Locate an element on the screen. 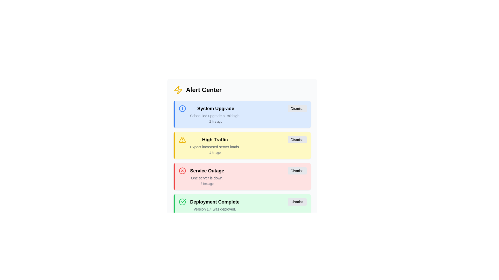 The height and width of the screenshot is (280, 499). bold, black text labeled 'Service Outage' which is the primary heading at the top of a card with a soft red background is located at coordinates (207, 171).